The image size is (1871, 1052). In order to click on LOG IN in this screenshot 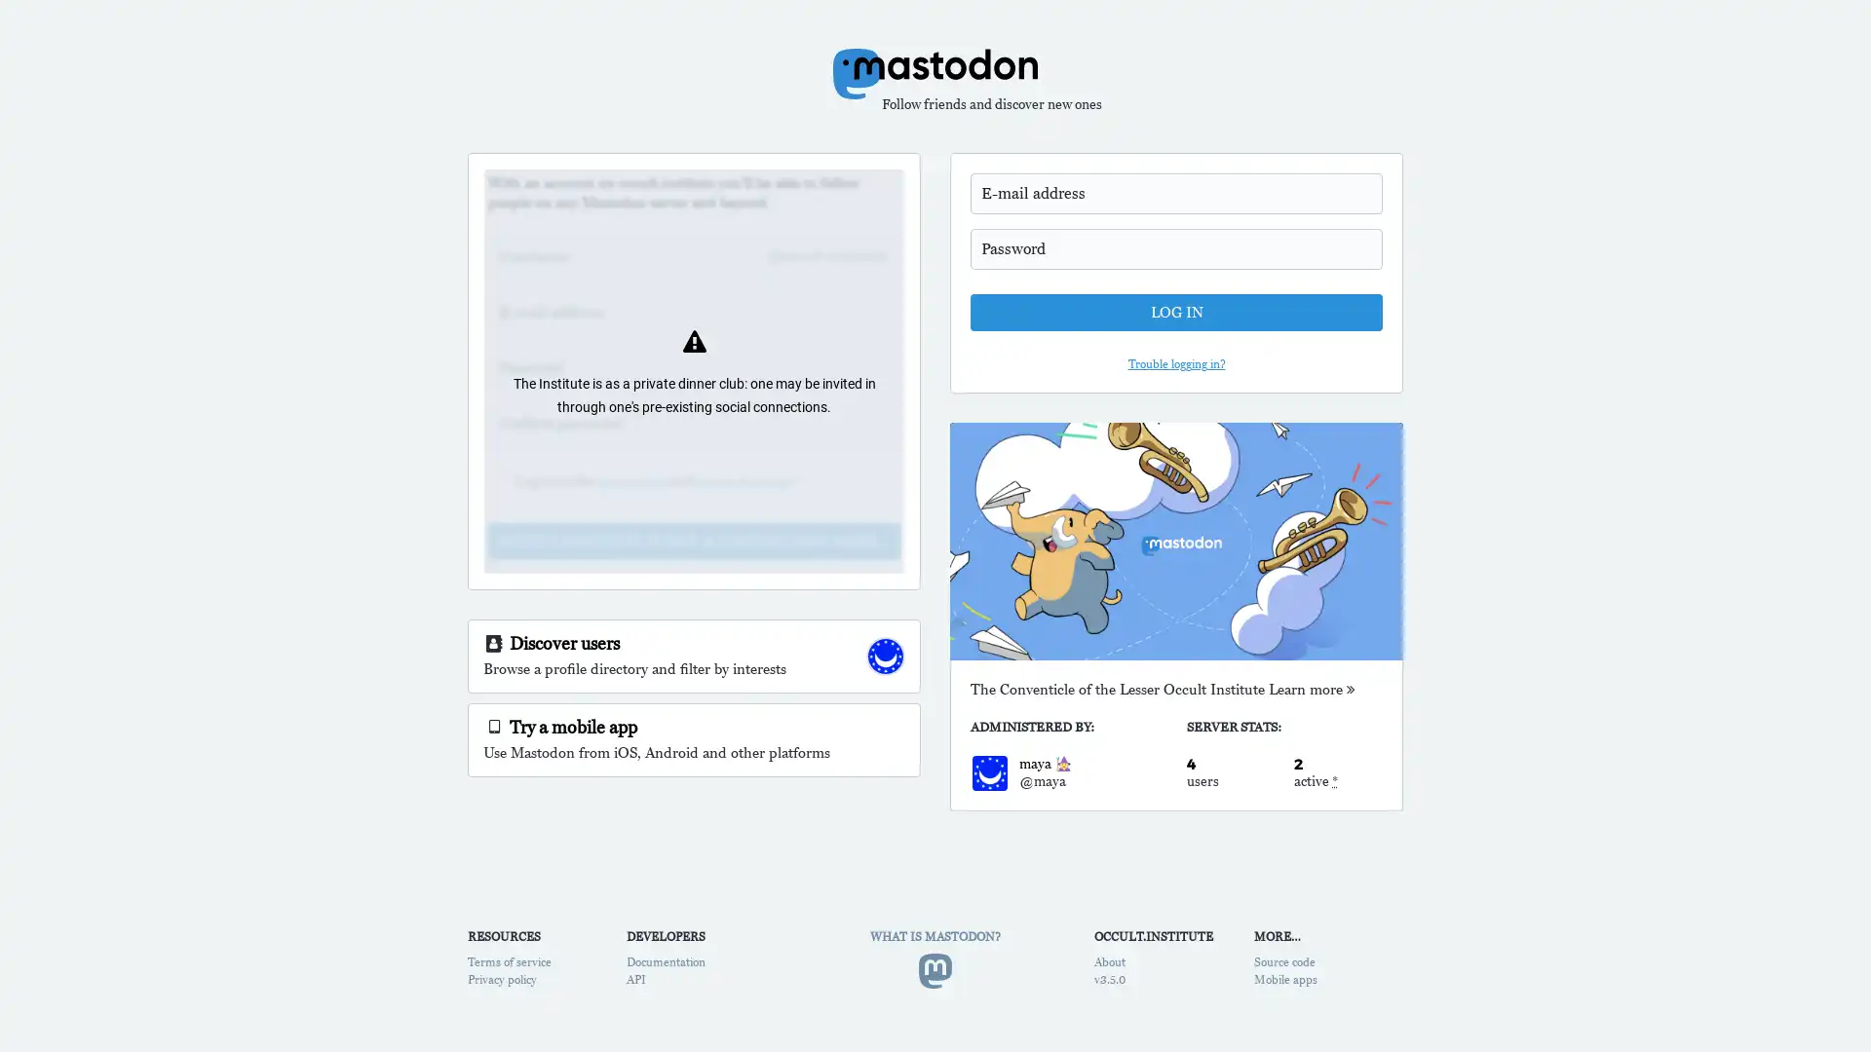, I will do `click(1175, 311)`.